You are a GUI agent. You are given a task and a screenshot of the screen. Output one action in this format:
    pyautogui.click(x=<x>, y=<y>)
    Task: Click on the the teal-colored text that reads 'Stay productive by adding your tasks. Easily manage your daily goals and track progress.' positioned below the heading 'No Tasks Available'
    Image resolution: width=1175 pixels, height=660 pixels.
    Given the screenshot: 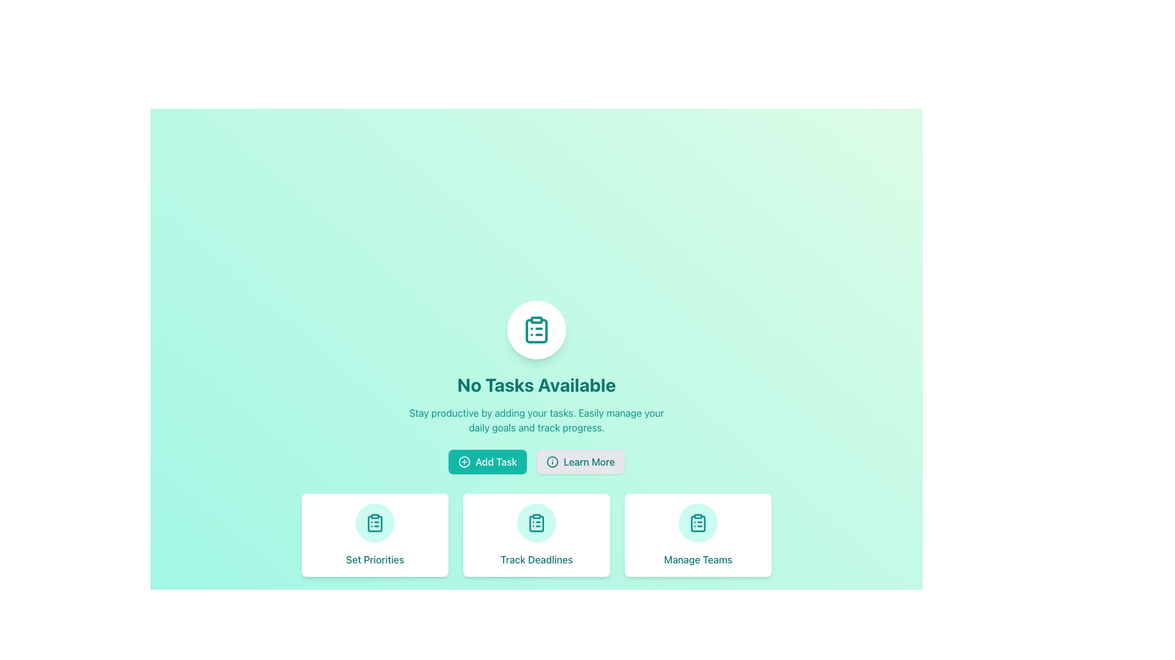 What is the action you would take?
    pyautogui.click(x=537, y=419)
    